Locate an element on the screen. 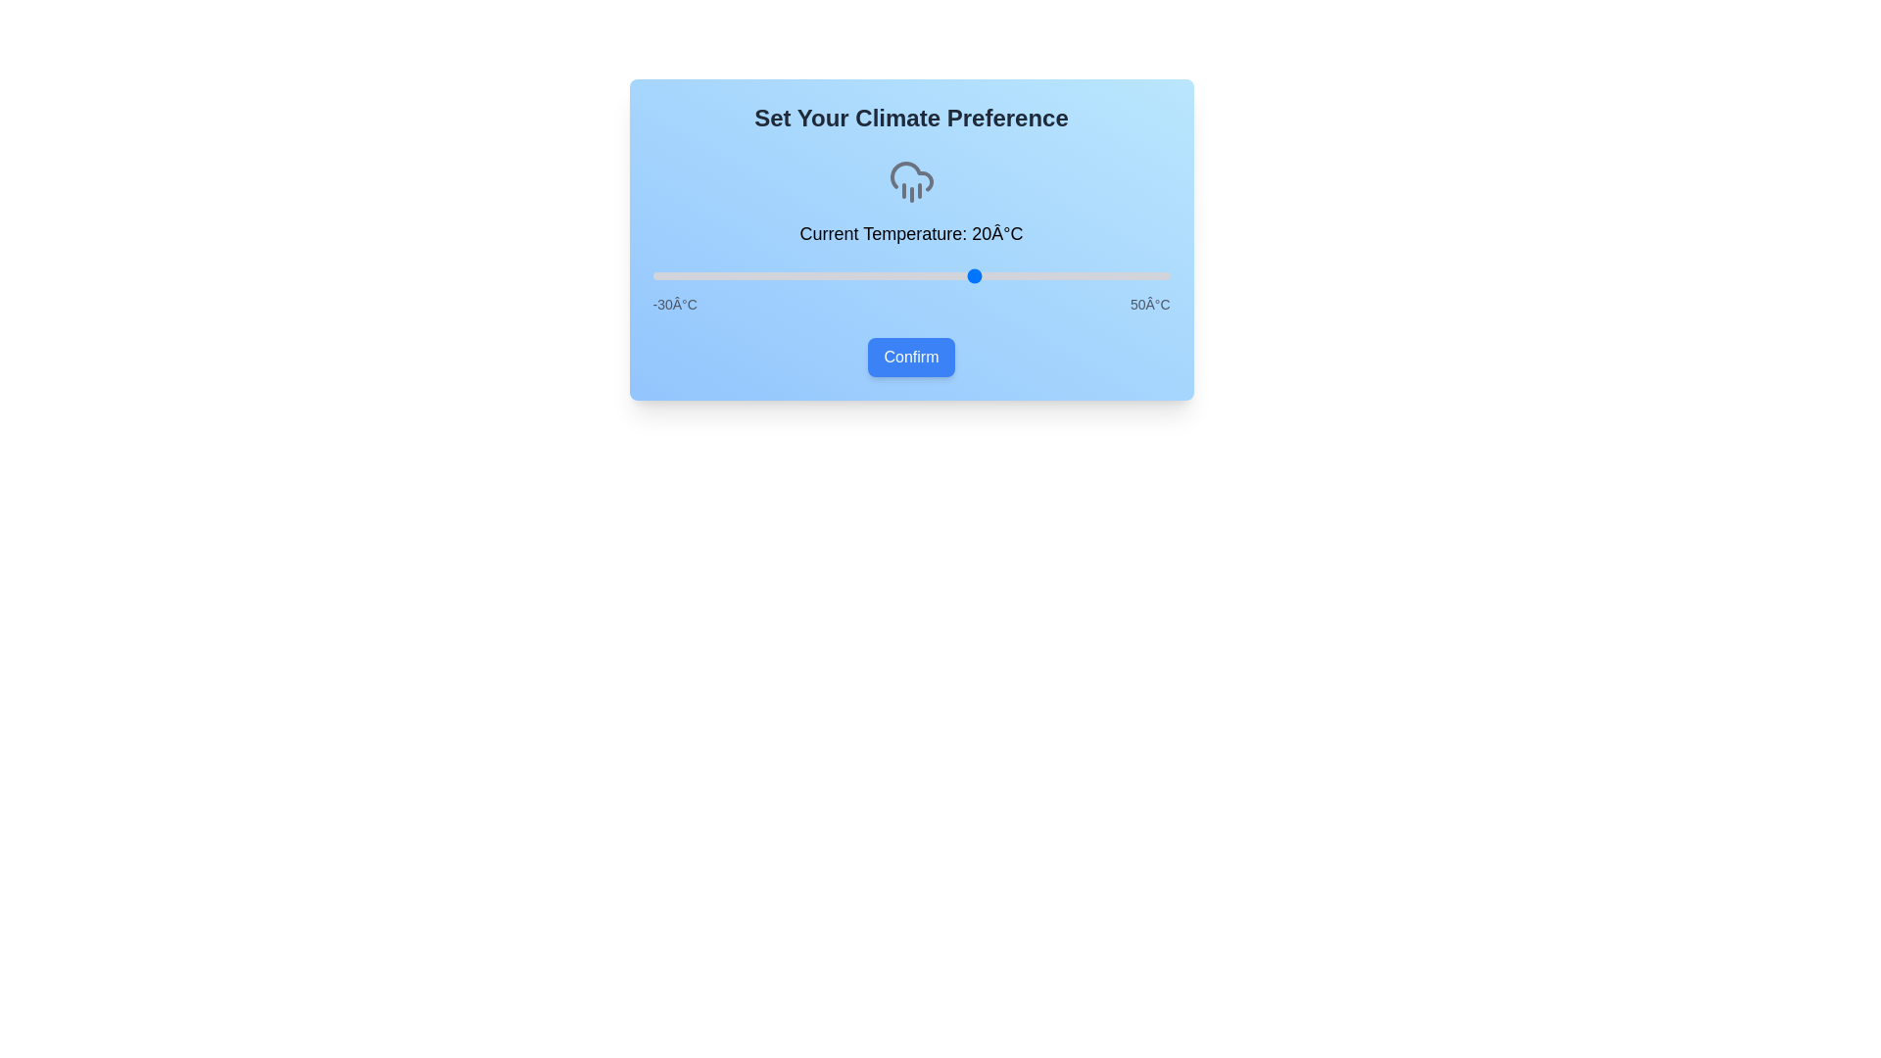 The image size is (1881, 1058). 'Confirm' button to finalize the selection is located at coordinates (910, 358).